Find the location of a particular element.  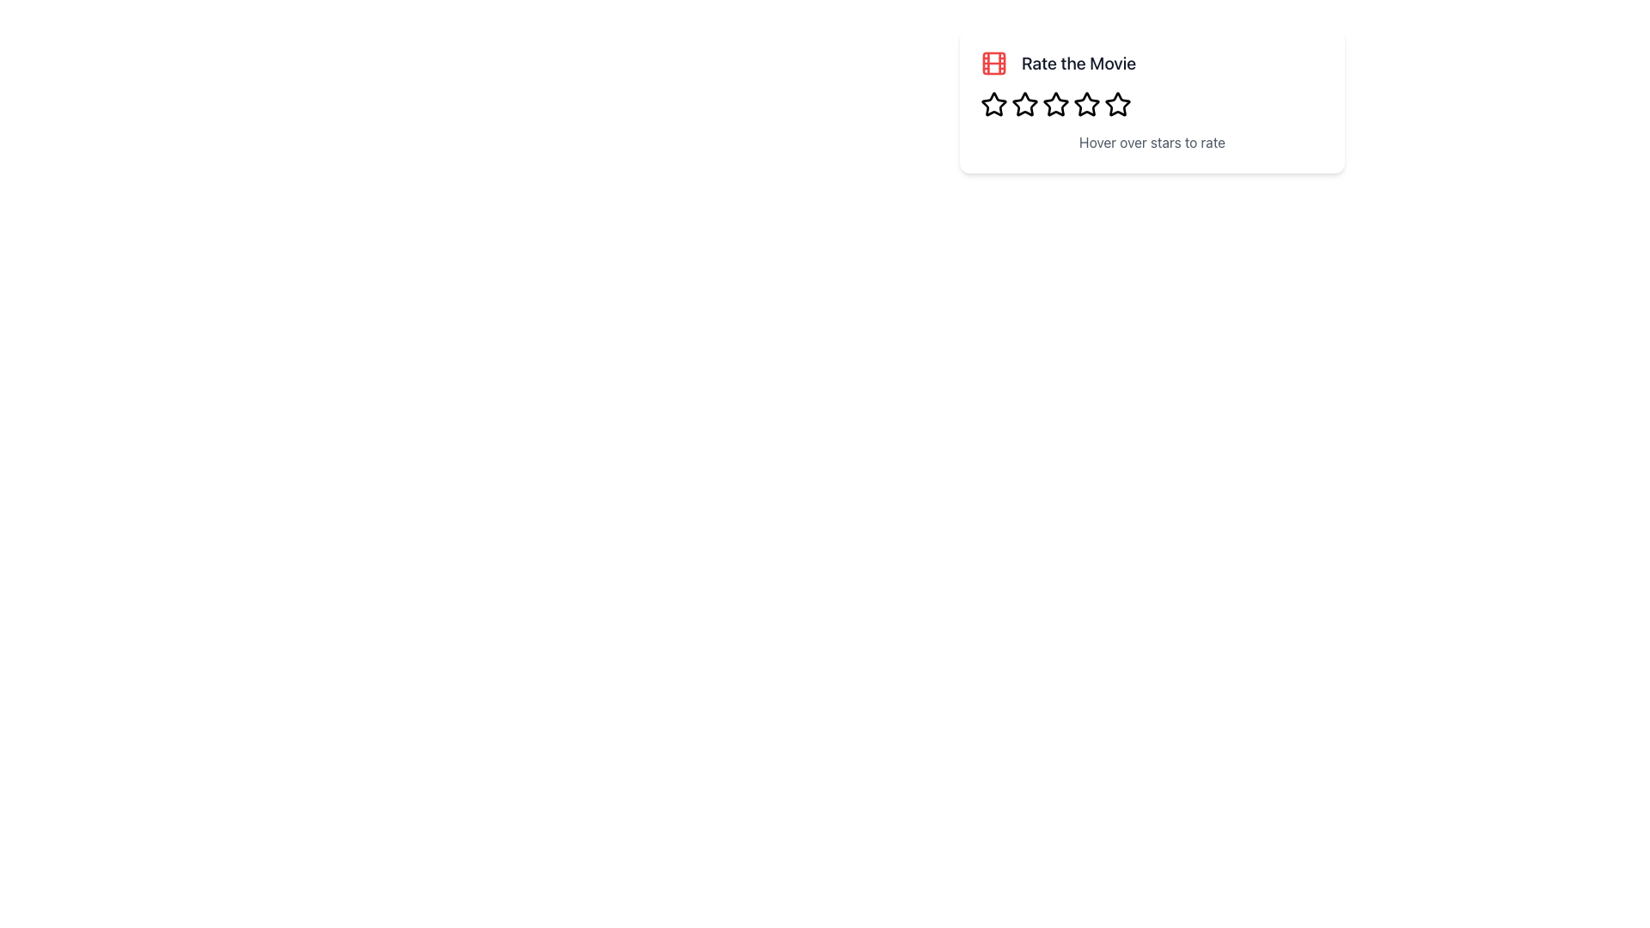

the third star icon in the star rating control bar, which is characterized by a light grey outline and a black stroke, indicating a rating level is located at coordinates (1086, 104).